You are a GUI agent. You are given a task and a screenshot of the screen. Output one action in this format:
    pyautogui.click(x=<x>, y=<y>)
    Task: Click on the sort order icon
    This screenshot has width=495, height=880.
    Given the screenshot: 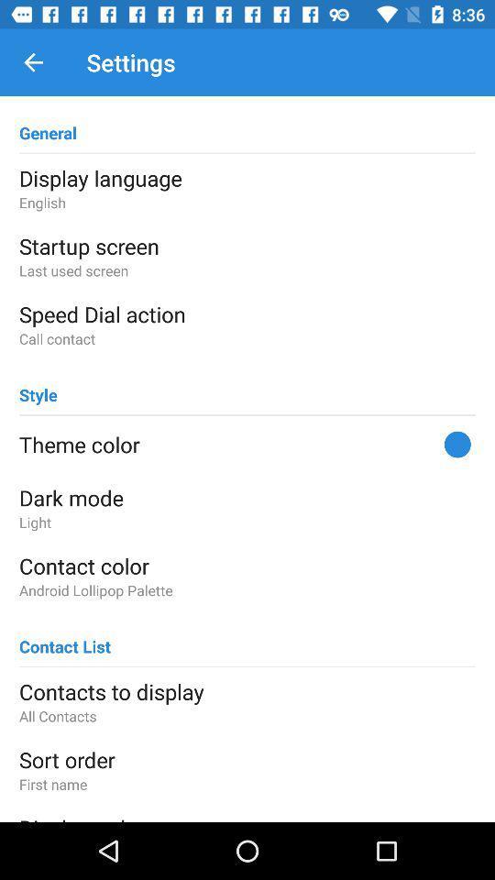 What is the action you would take?
    pyautogui.click(x=247, y=759)
    